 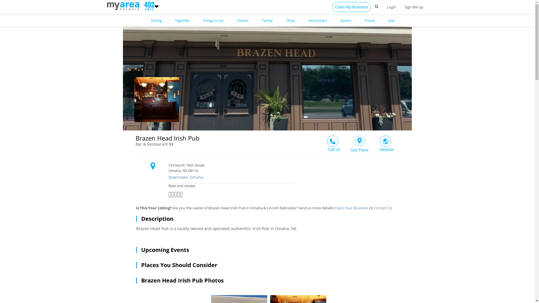 I want to click on 'Website', so click(x=386, y=141).